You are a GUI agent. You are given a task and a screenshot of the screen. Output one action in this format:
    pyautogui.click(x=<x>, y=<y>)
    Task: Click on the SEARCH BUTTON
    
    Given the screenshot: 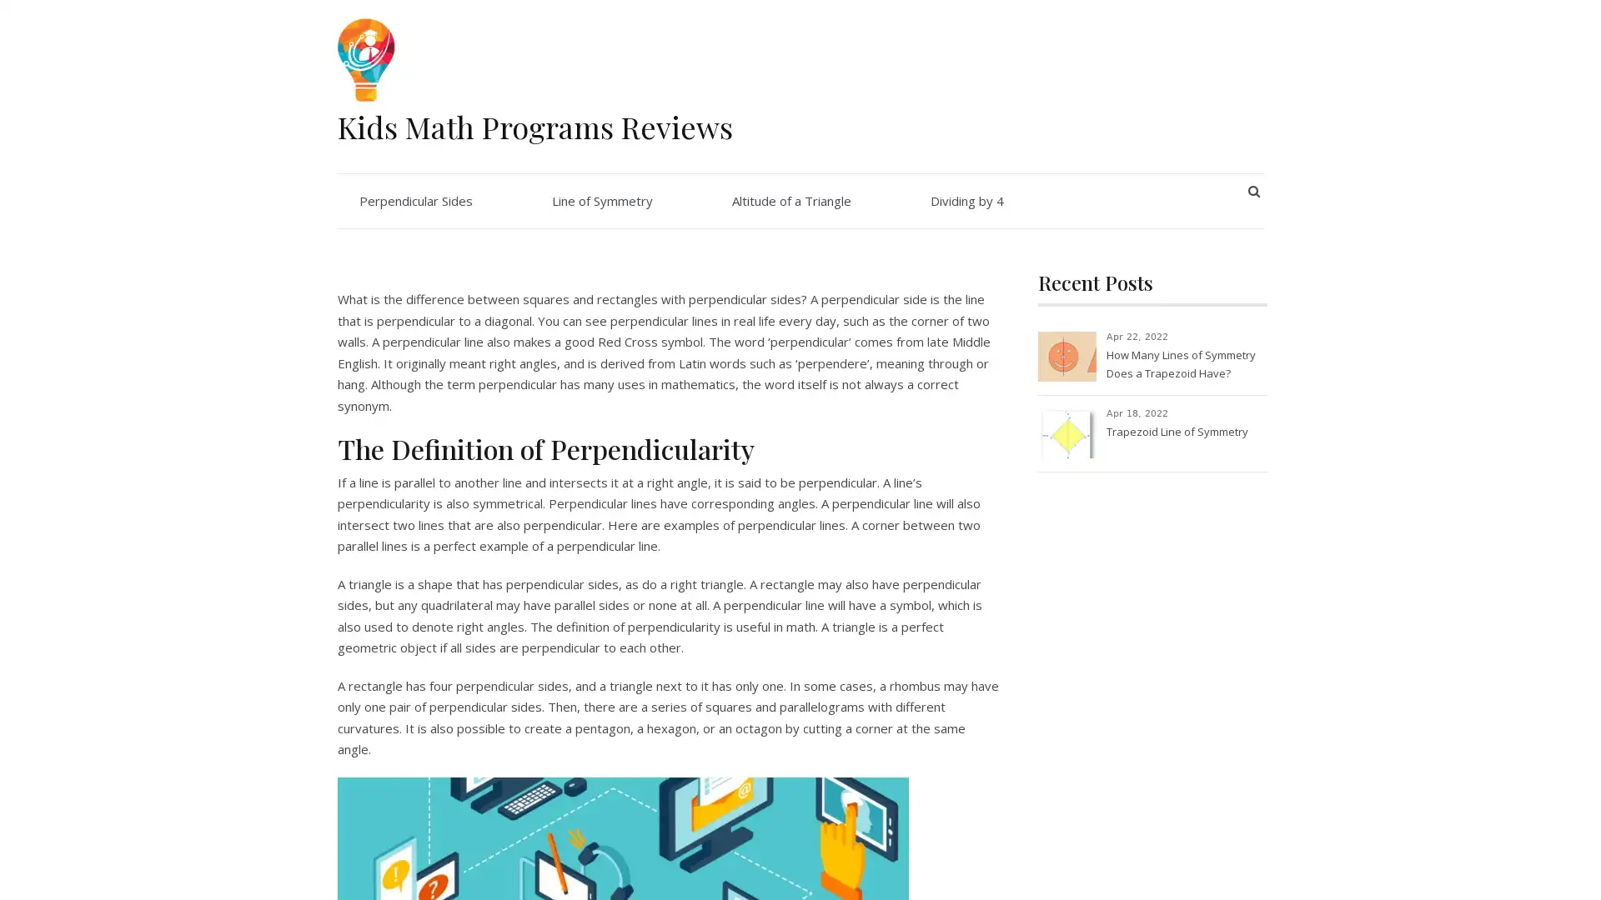 What is the action you would take?
    pyautogui.click(x=1254, y=189)
    